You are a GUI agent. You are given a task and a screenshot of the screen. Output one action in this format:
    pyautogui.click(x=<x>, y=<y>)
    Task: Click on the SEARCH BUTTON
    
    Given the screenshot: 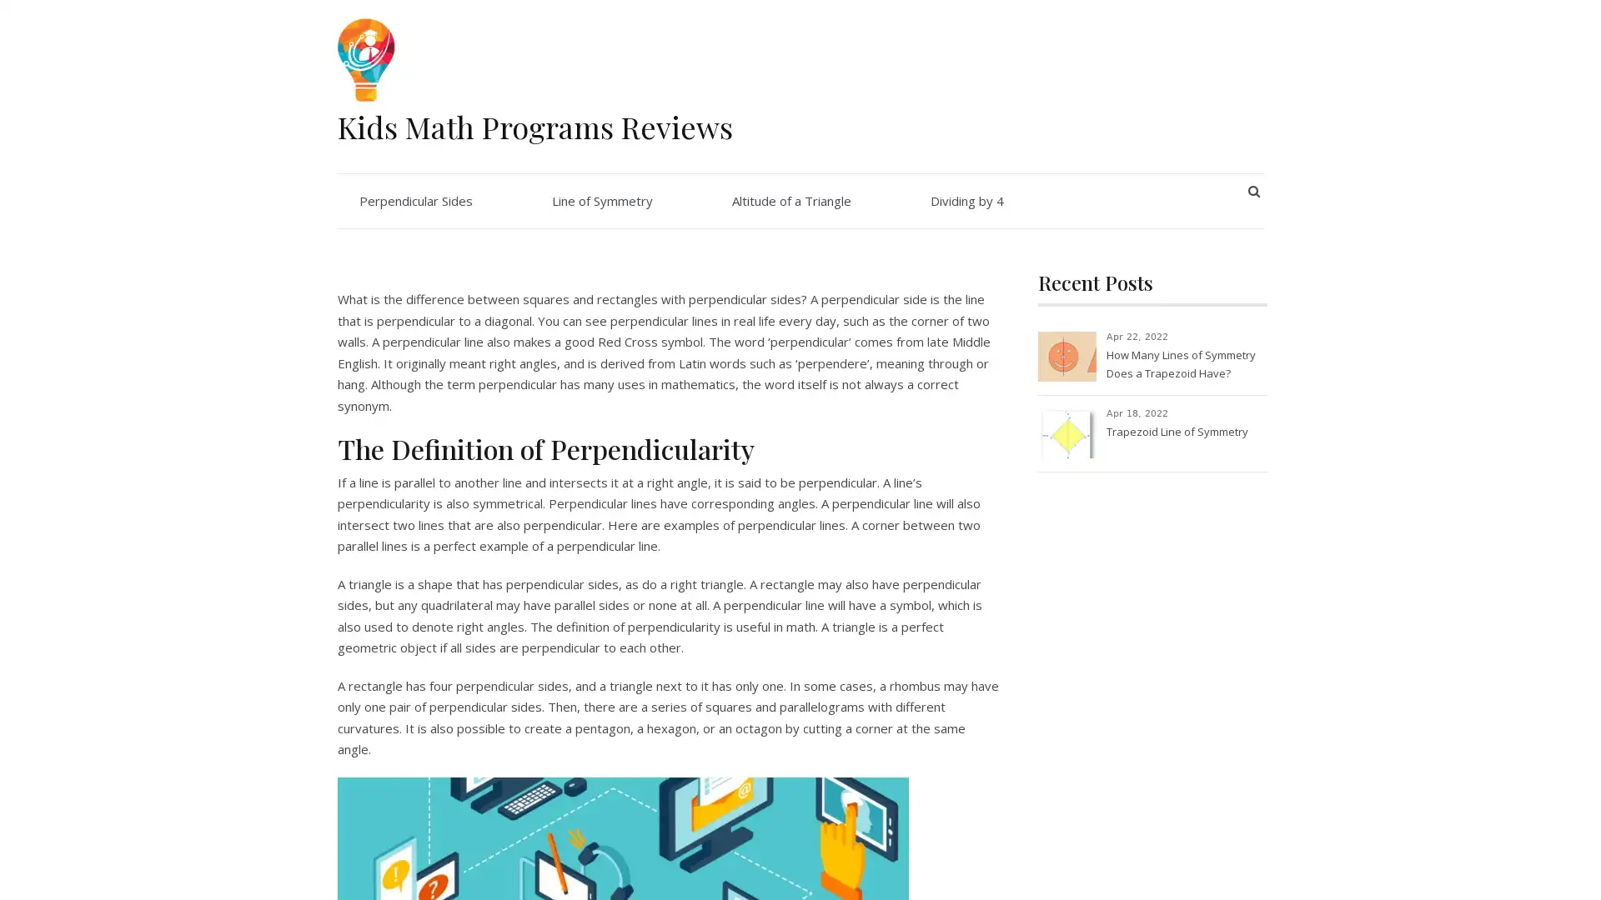 What is the action you would take?
    pyautogui.click(x=1254, y=189)
    